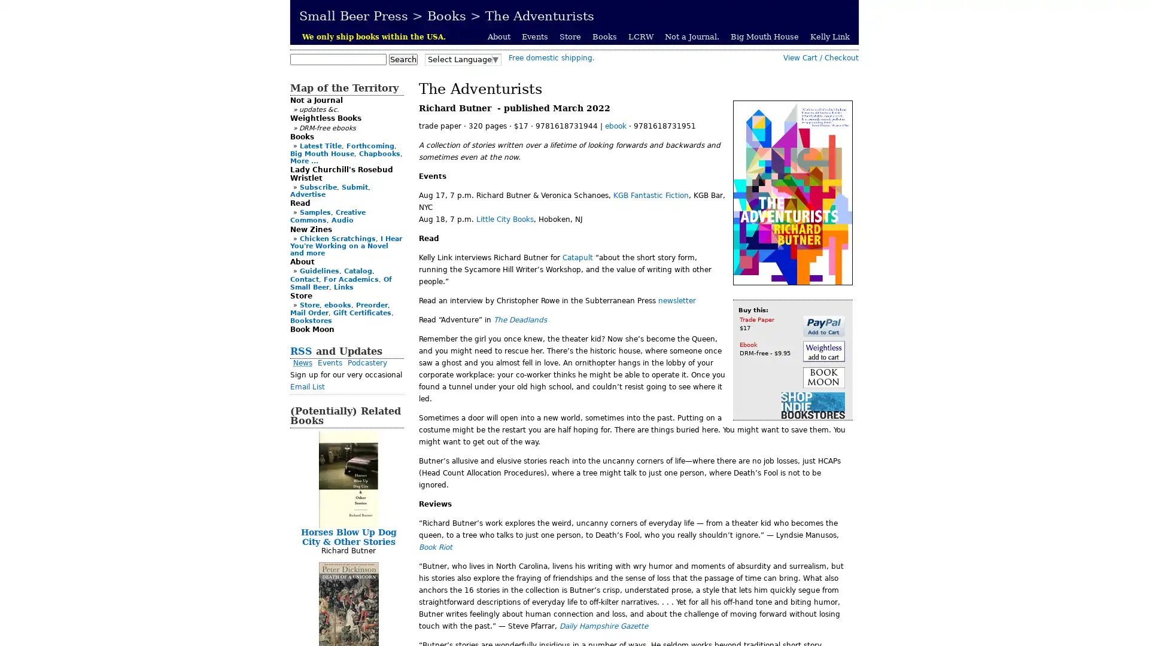  What do you see at coordinates (403, 59) in the screenshot?
I see `Search` at bounding box center [403, 59].